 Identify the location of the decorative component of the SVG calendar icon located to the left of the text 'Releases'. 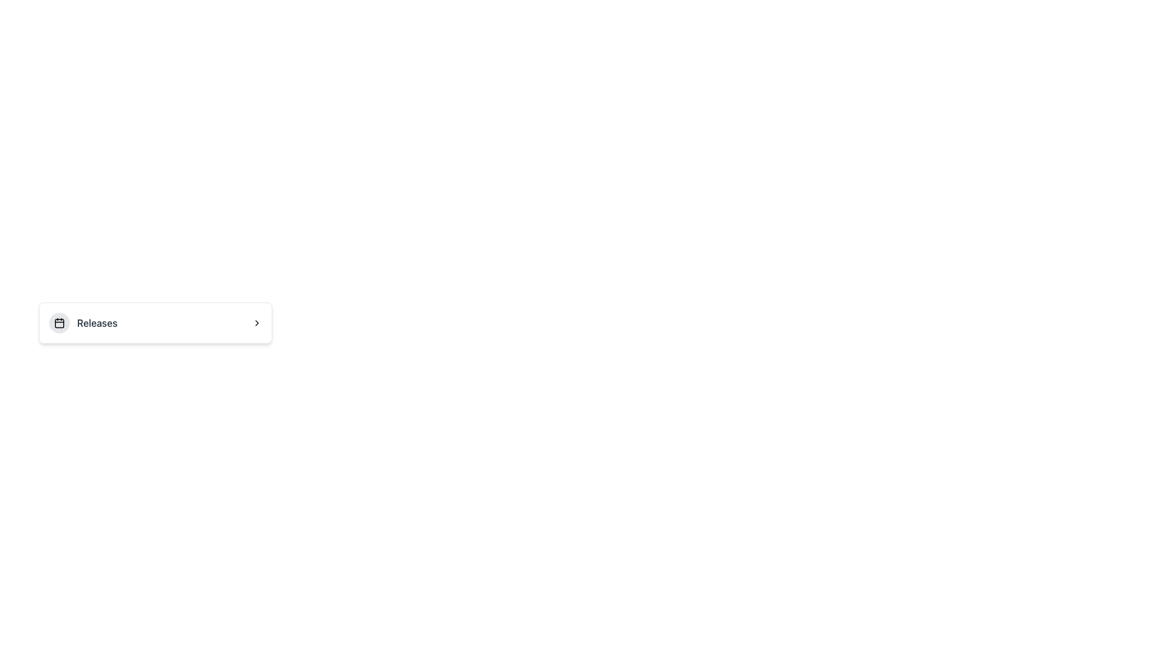
(58, 323).